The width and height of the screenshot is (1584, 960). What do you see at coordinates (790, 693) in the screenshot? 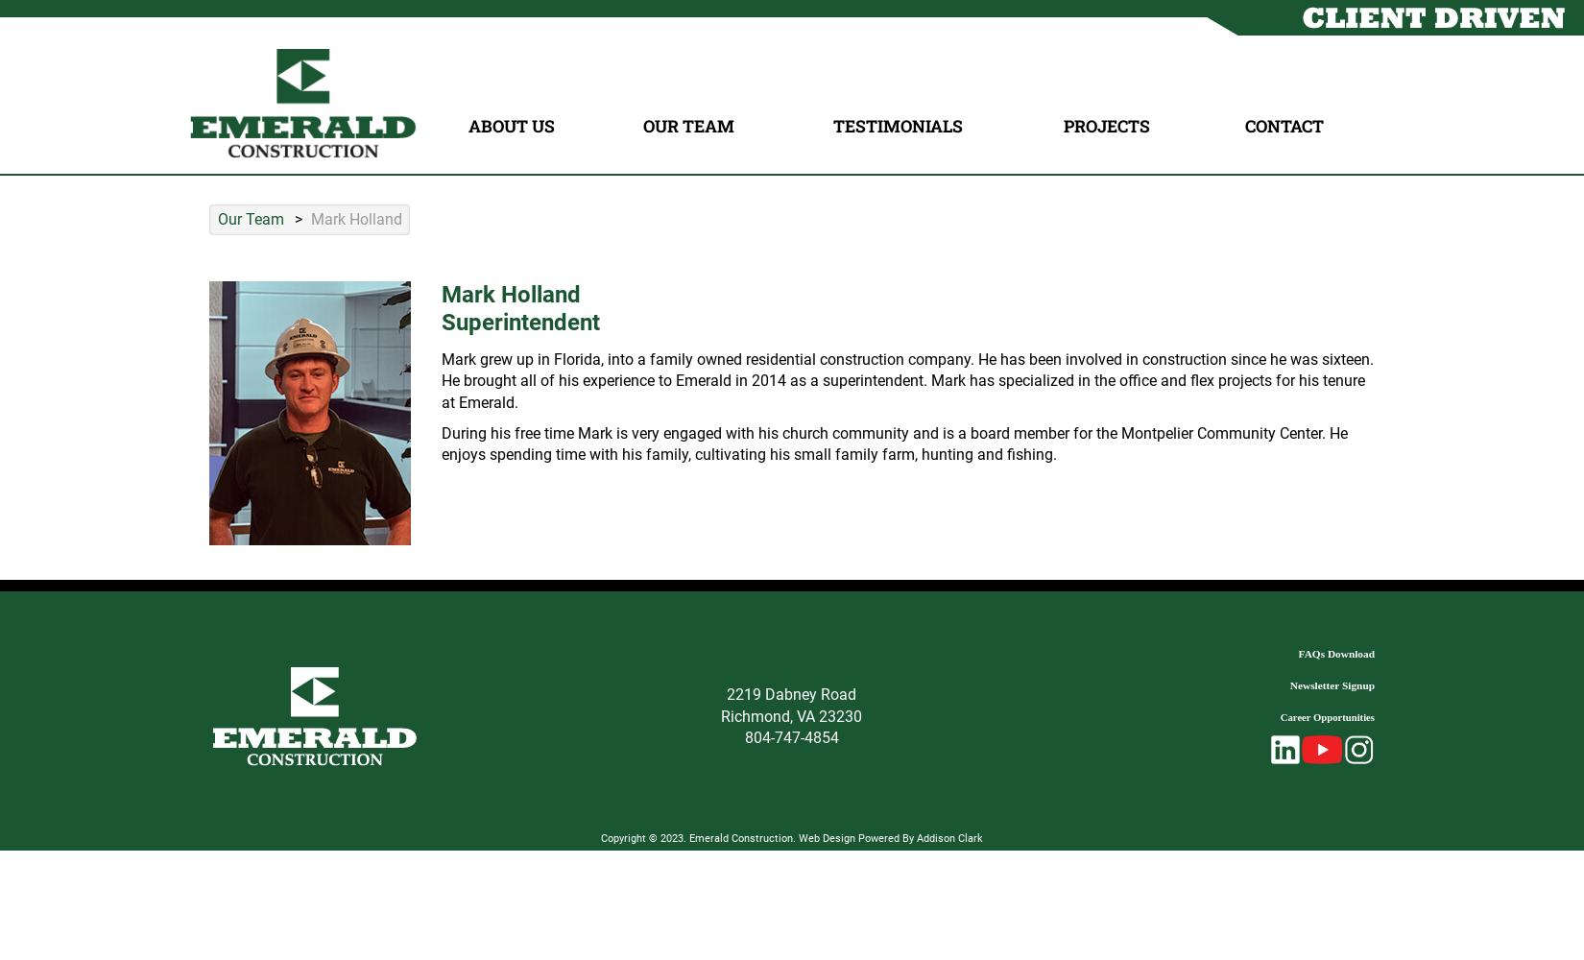
I see `'2219 Dabney Road'` at bounding box center [790, 693].